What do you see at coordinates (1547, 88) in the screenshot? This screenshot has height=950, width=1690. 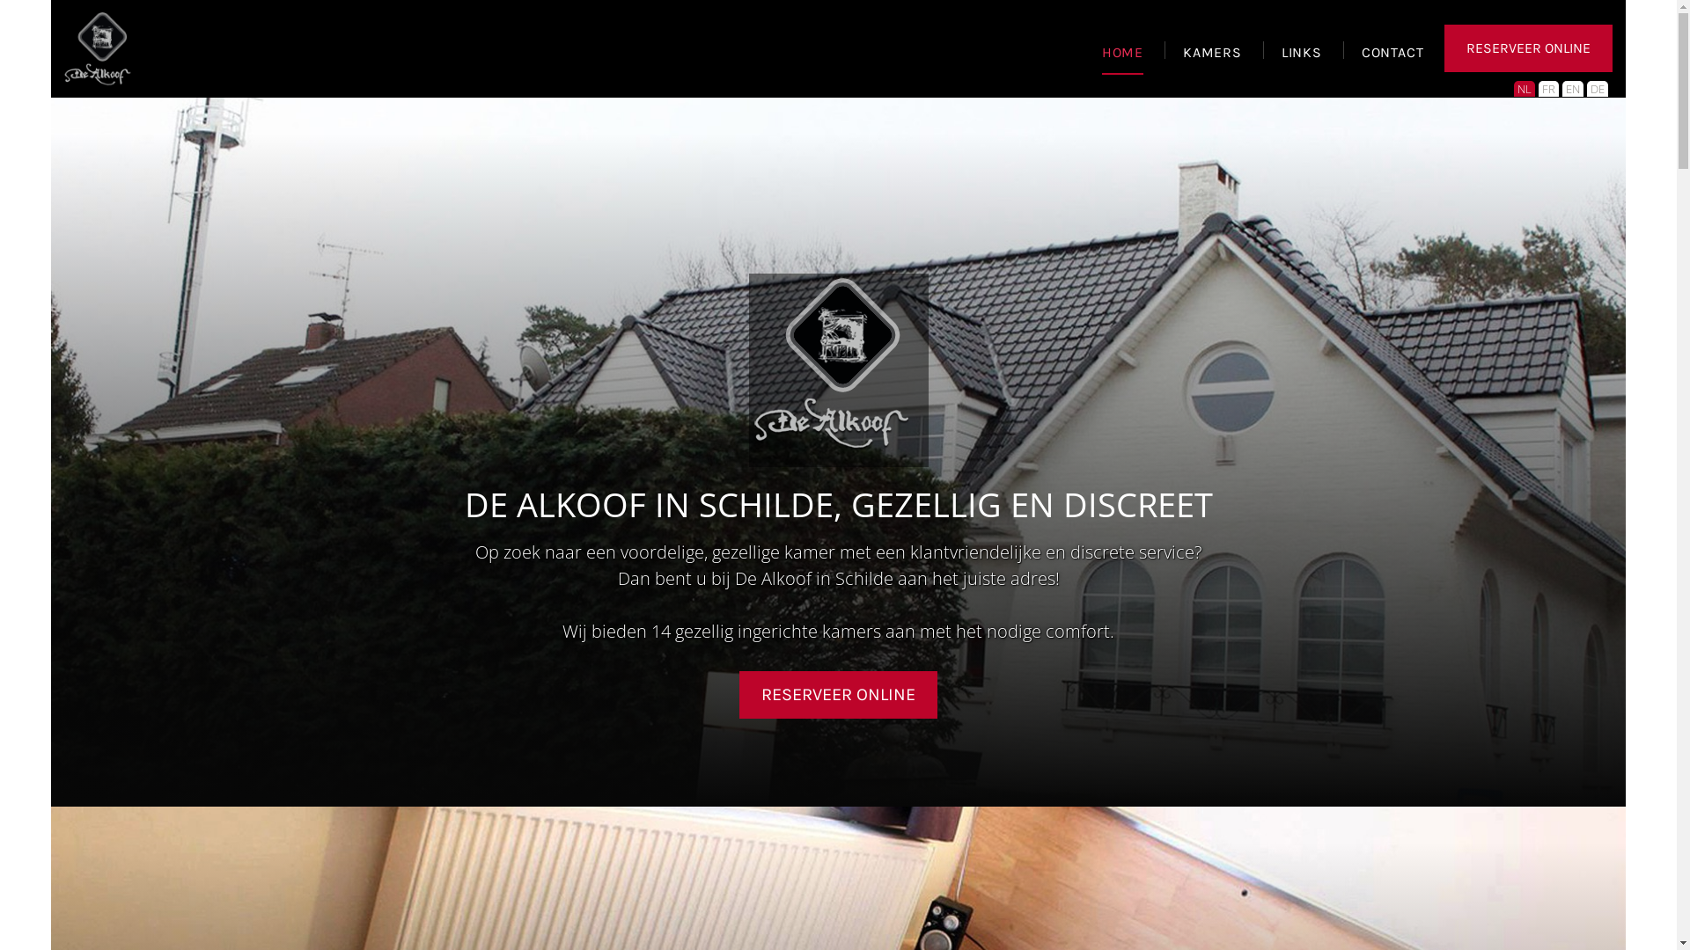 I see `'FR'` at bounding box center [1547, 88].